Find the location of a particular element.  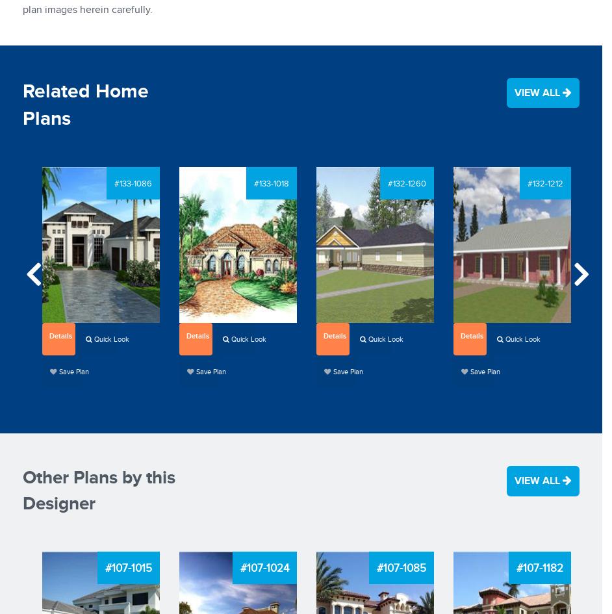

'Other Plans by this Designer' is located at coordinates (98, 491).